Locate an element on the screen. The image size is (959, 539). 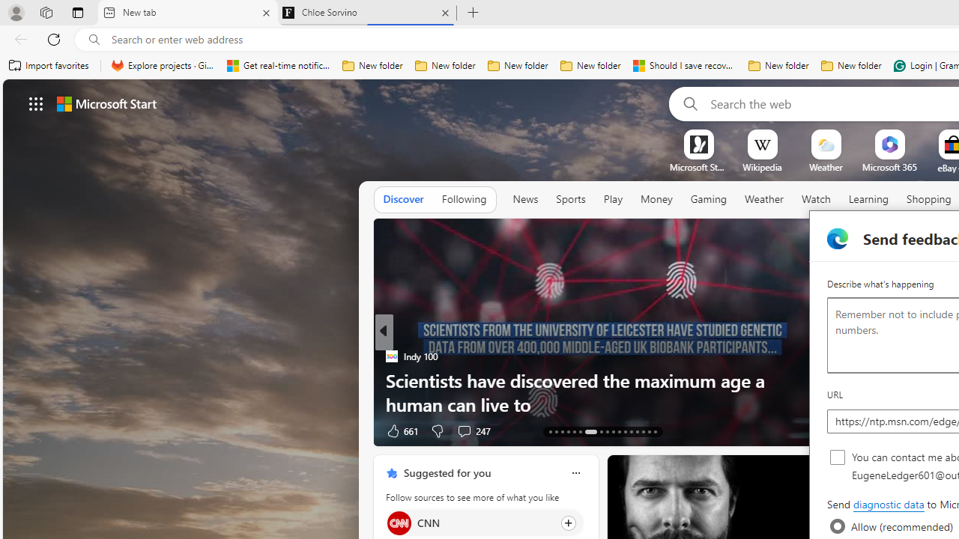
'CNN' is located at coordinates (399, 522).